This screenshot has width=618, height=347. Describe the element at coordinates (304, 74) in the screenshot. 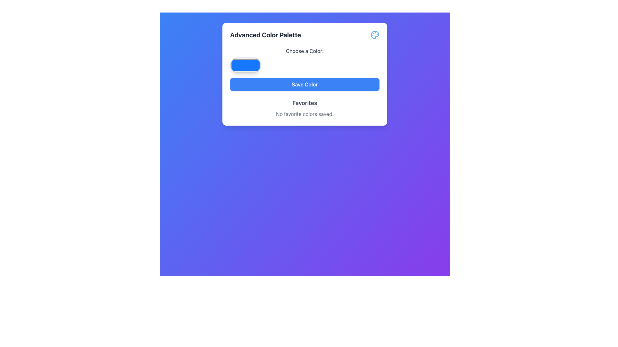

I see `the 'Save Color' button in the 'Advanced Color Palette' modal dialog, which is a rectangular box with rounded corners and a white background, centered in the application view` at that location.